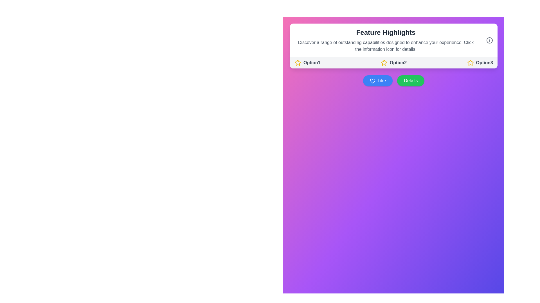 This screenshot has height=303, width=540. Describe the element at coordinates (470, 63) in the screenshot. I see `the icon located to the left of the text label 'Option2' in the 'Feature Highlights' section of the interface` at that location.